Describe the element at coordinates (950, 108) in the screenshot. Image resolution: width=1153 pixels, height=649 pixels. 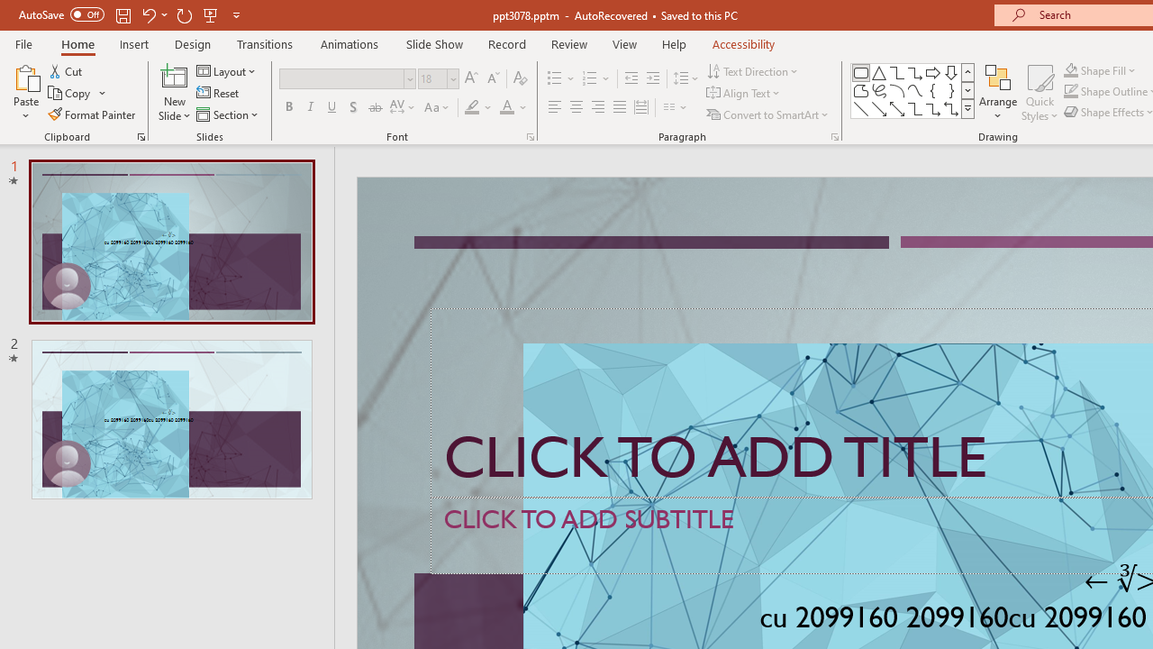
I see `'Connector: Elbow Double-Arrow'` at that location.